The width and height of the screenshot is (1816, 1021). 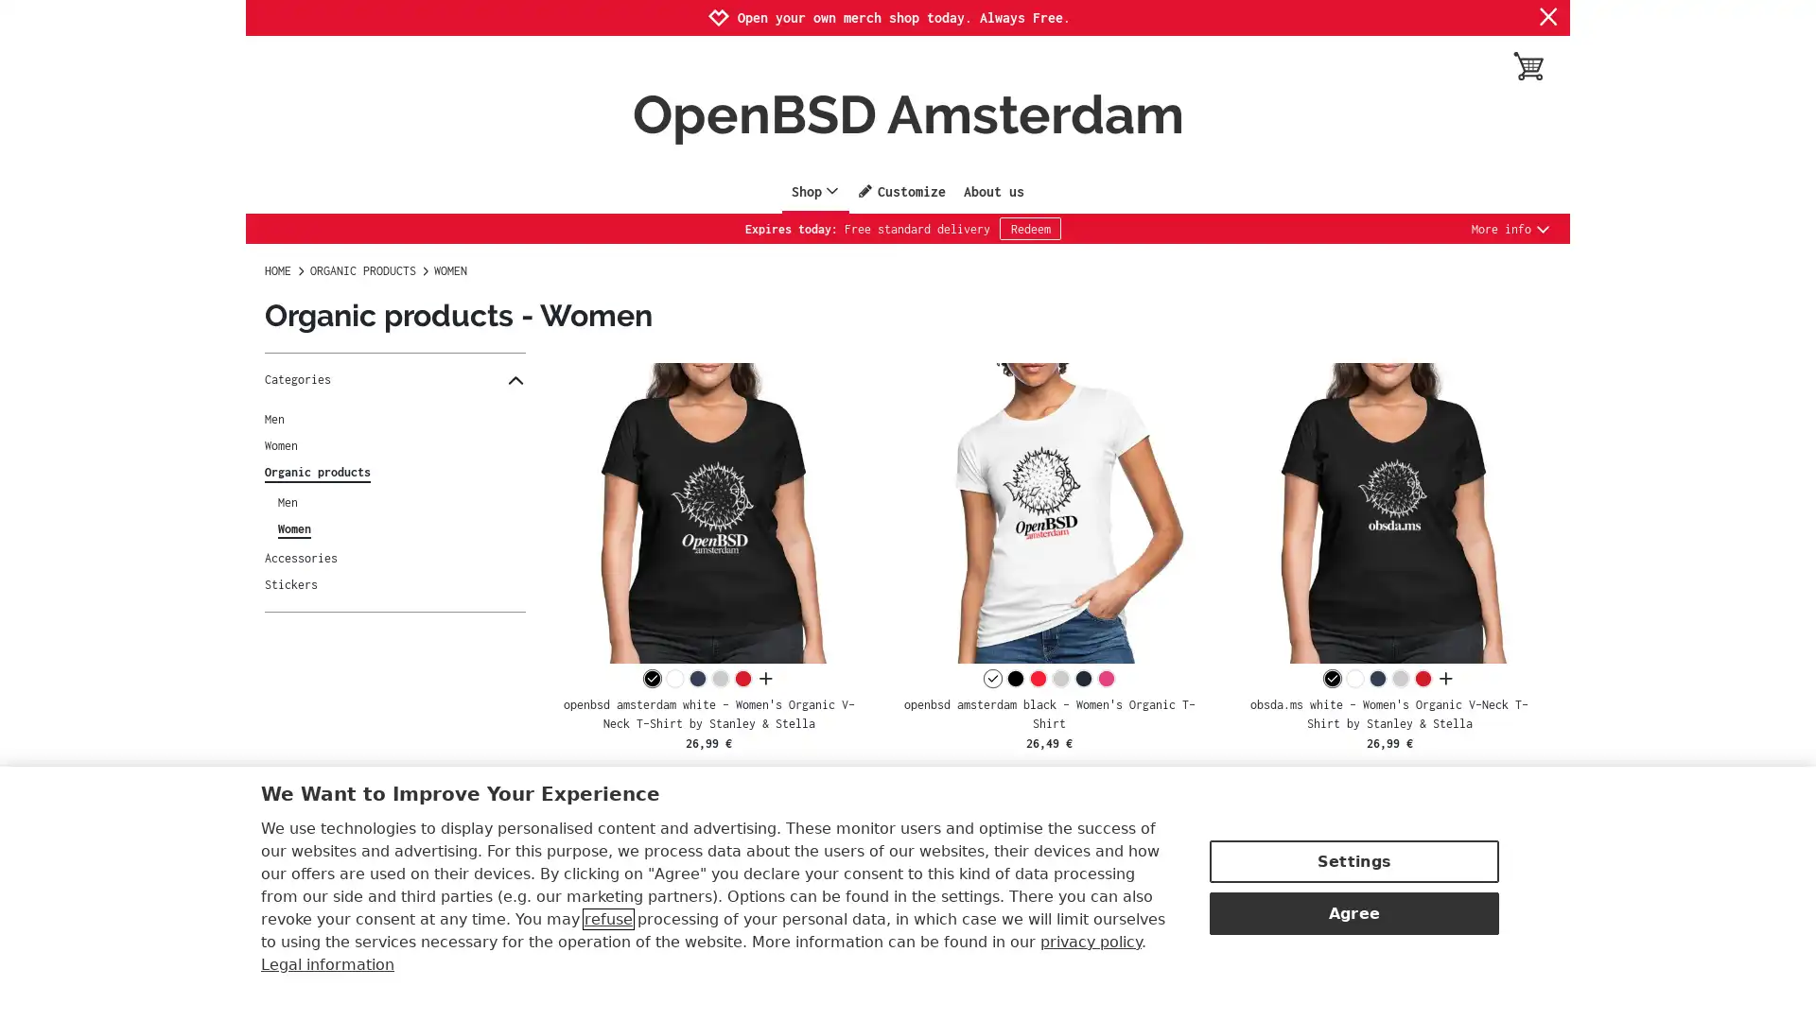 What do you see at coordinates (1014, 678) in the screenshot?
I see `black` at bounding box center [1014, 678].